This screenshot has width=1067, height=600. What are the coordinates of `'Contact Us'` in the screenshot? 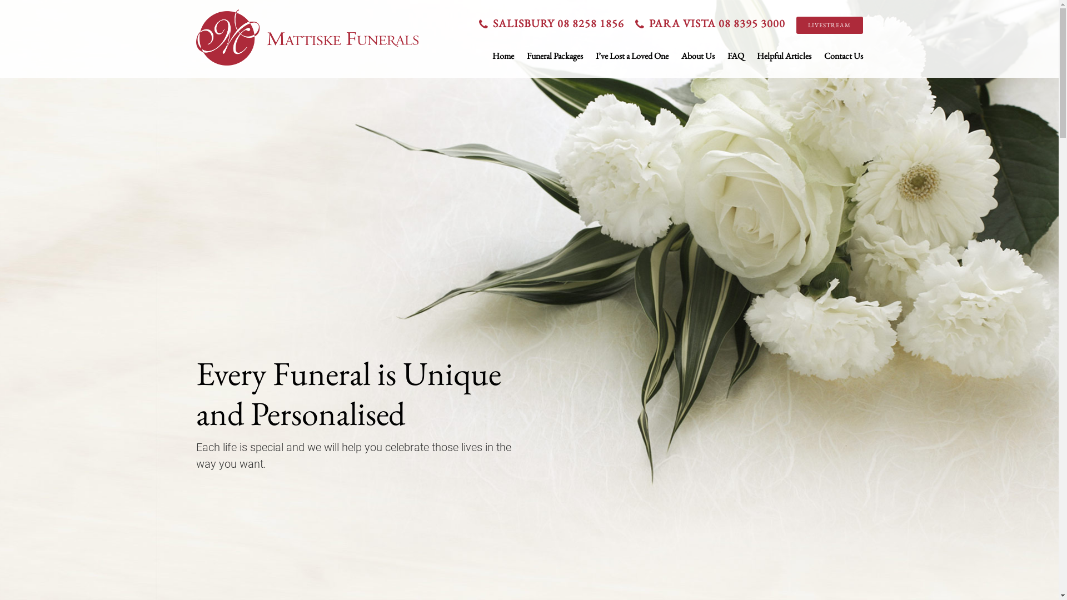 It's located at (824, 56).